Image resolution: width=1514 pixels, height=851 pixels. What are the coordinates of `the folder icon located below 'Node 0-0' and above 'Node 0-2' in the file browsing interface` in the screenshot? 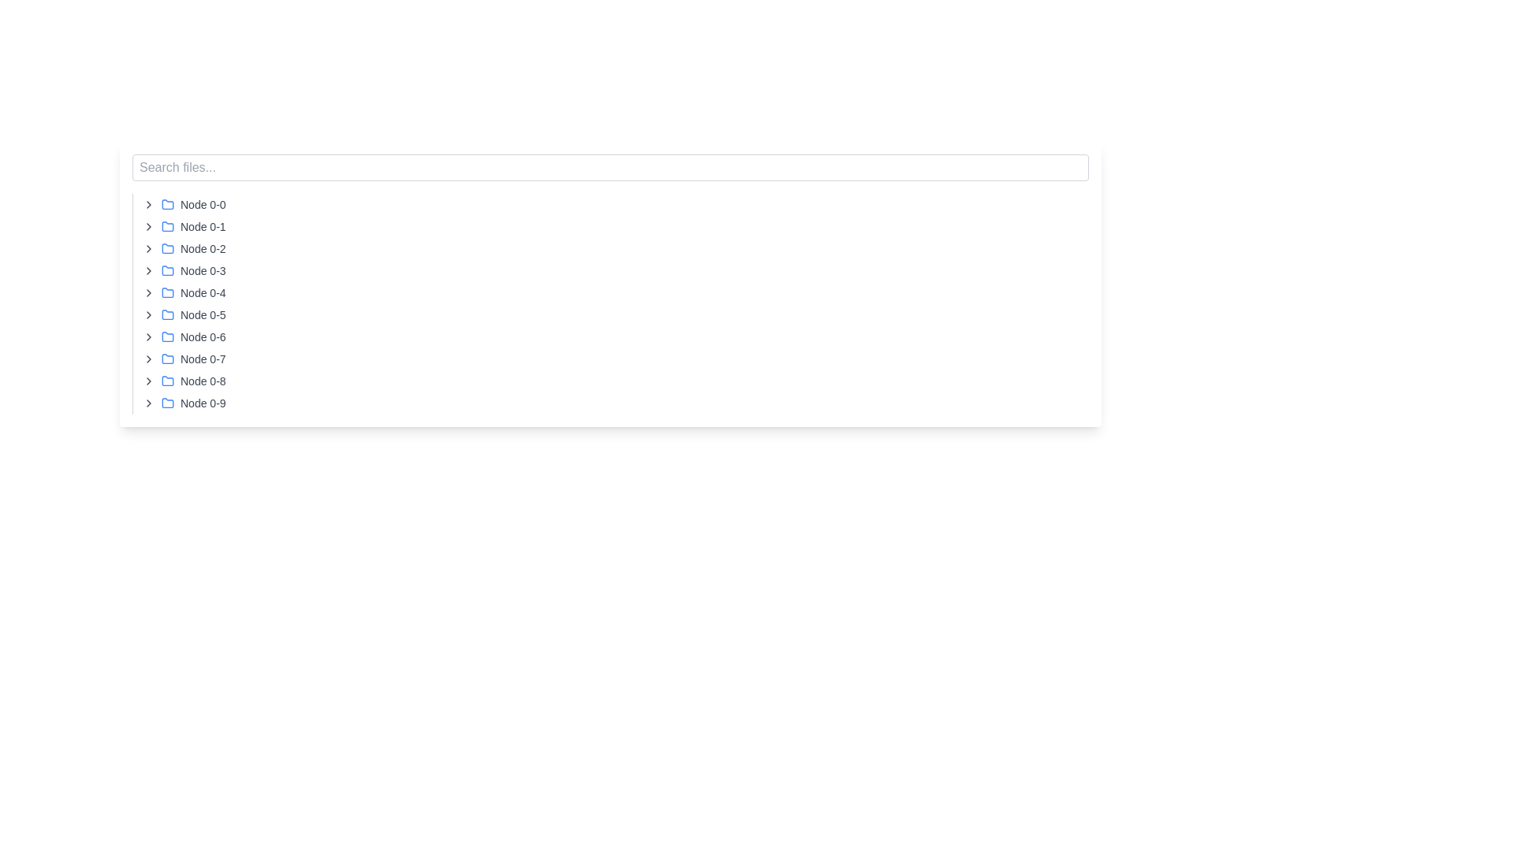 It's located at (167, 225).